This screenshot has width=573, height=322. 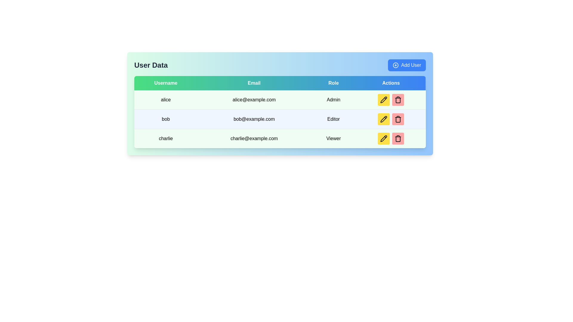 I want to click on the pencil icon in the interactive button group, so click(x=391, y=119).